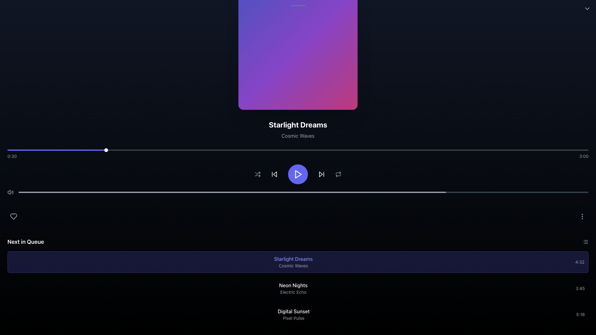 The height and width of the screenshot is (335, 596). Describe the element at coordinates (293, 265) in the screenshot. I see `the 'Cosmic Waves' text label` at that location.